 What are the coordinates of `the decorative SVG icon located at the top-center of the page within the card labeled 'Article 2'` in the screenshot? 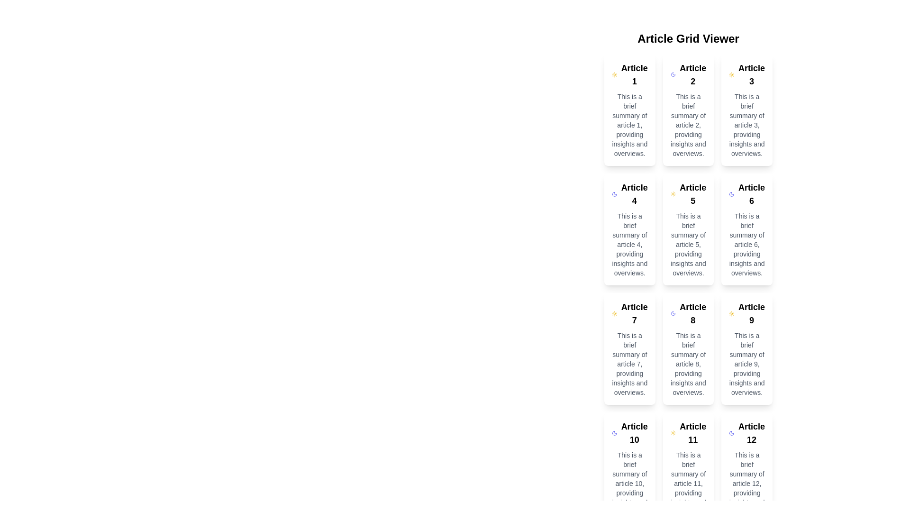 It's located at (673, 74).